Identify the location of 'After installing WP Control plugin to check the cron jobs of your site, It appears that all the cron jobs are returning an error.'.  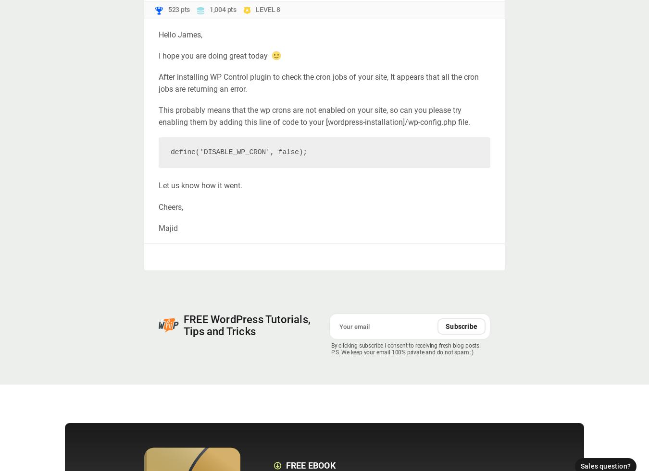
(158, 83).